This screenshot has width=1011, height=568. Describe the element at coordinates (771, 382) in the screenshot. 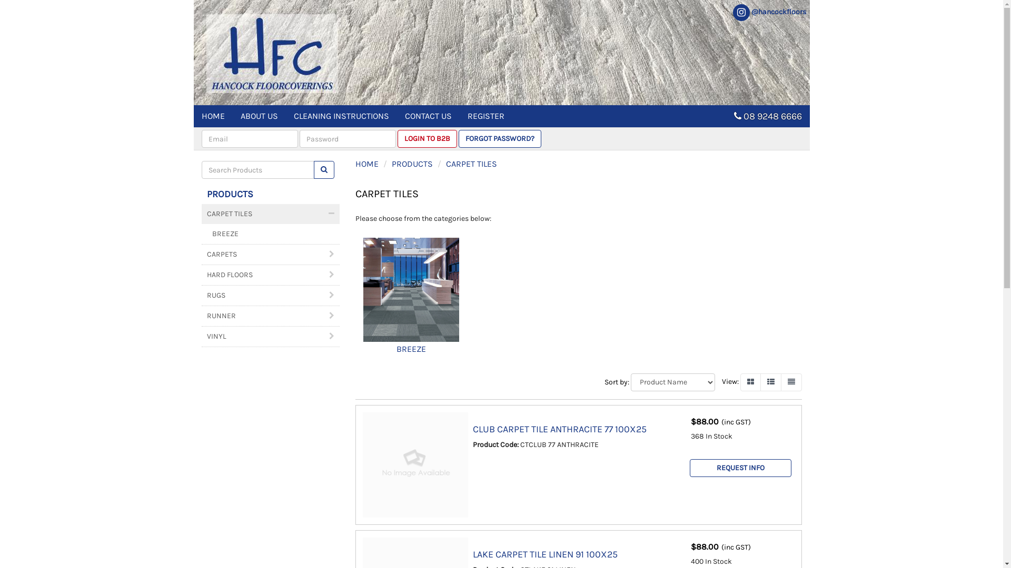

I see `'List'` at that location.